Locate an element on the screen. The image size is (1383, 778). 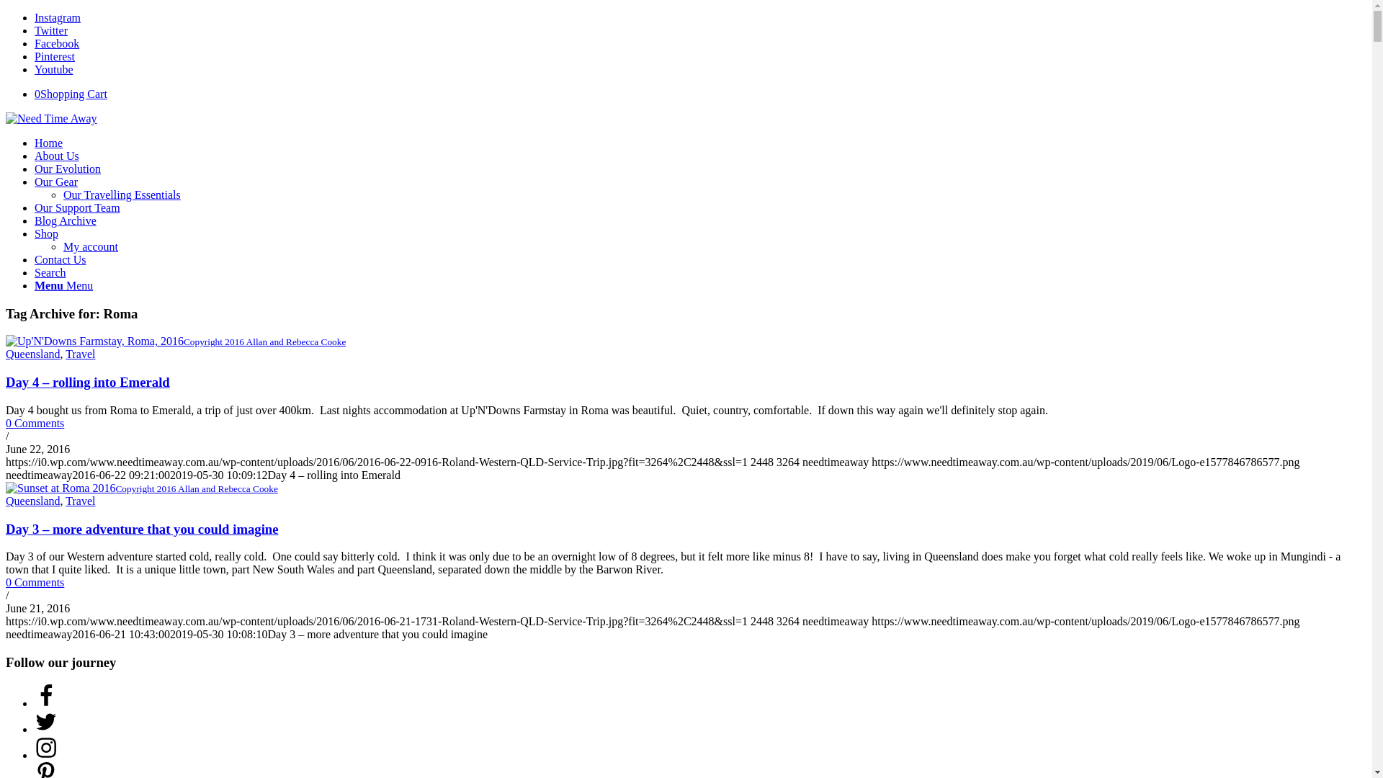
'Follow on Facebook' is located at coordinates (45, 702).